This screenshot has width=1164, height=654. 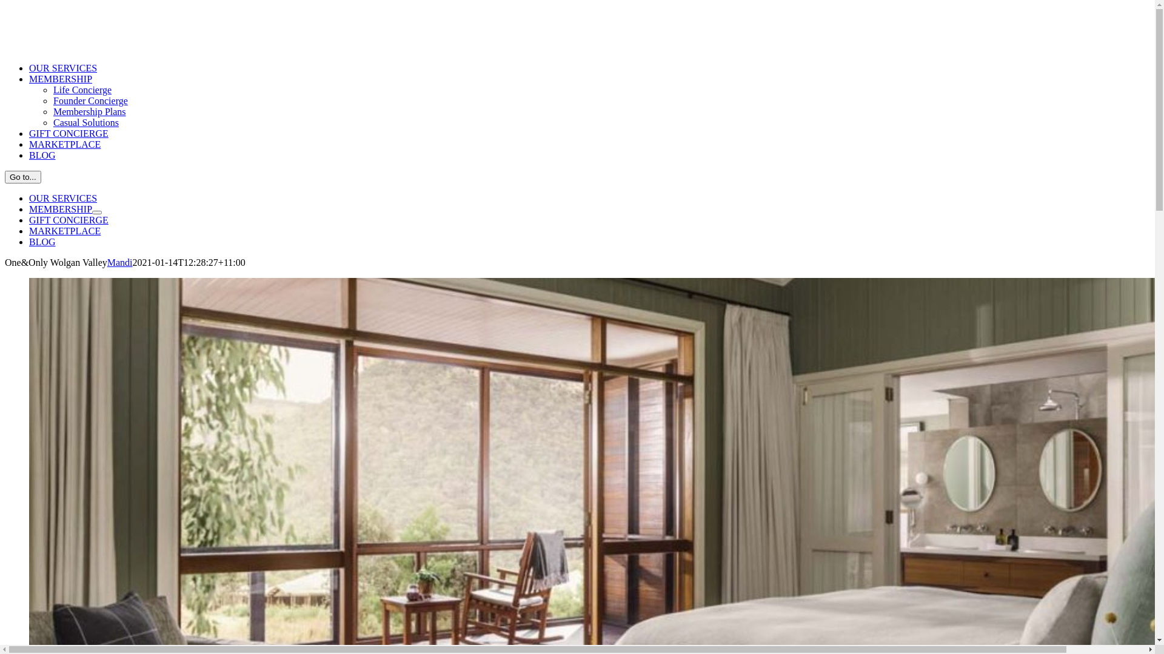 I want to click on 'Mandi', so click(x=107, y=262).